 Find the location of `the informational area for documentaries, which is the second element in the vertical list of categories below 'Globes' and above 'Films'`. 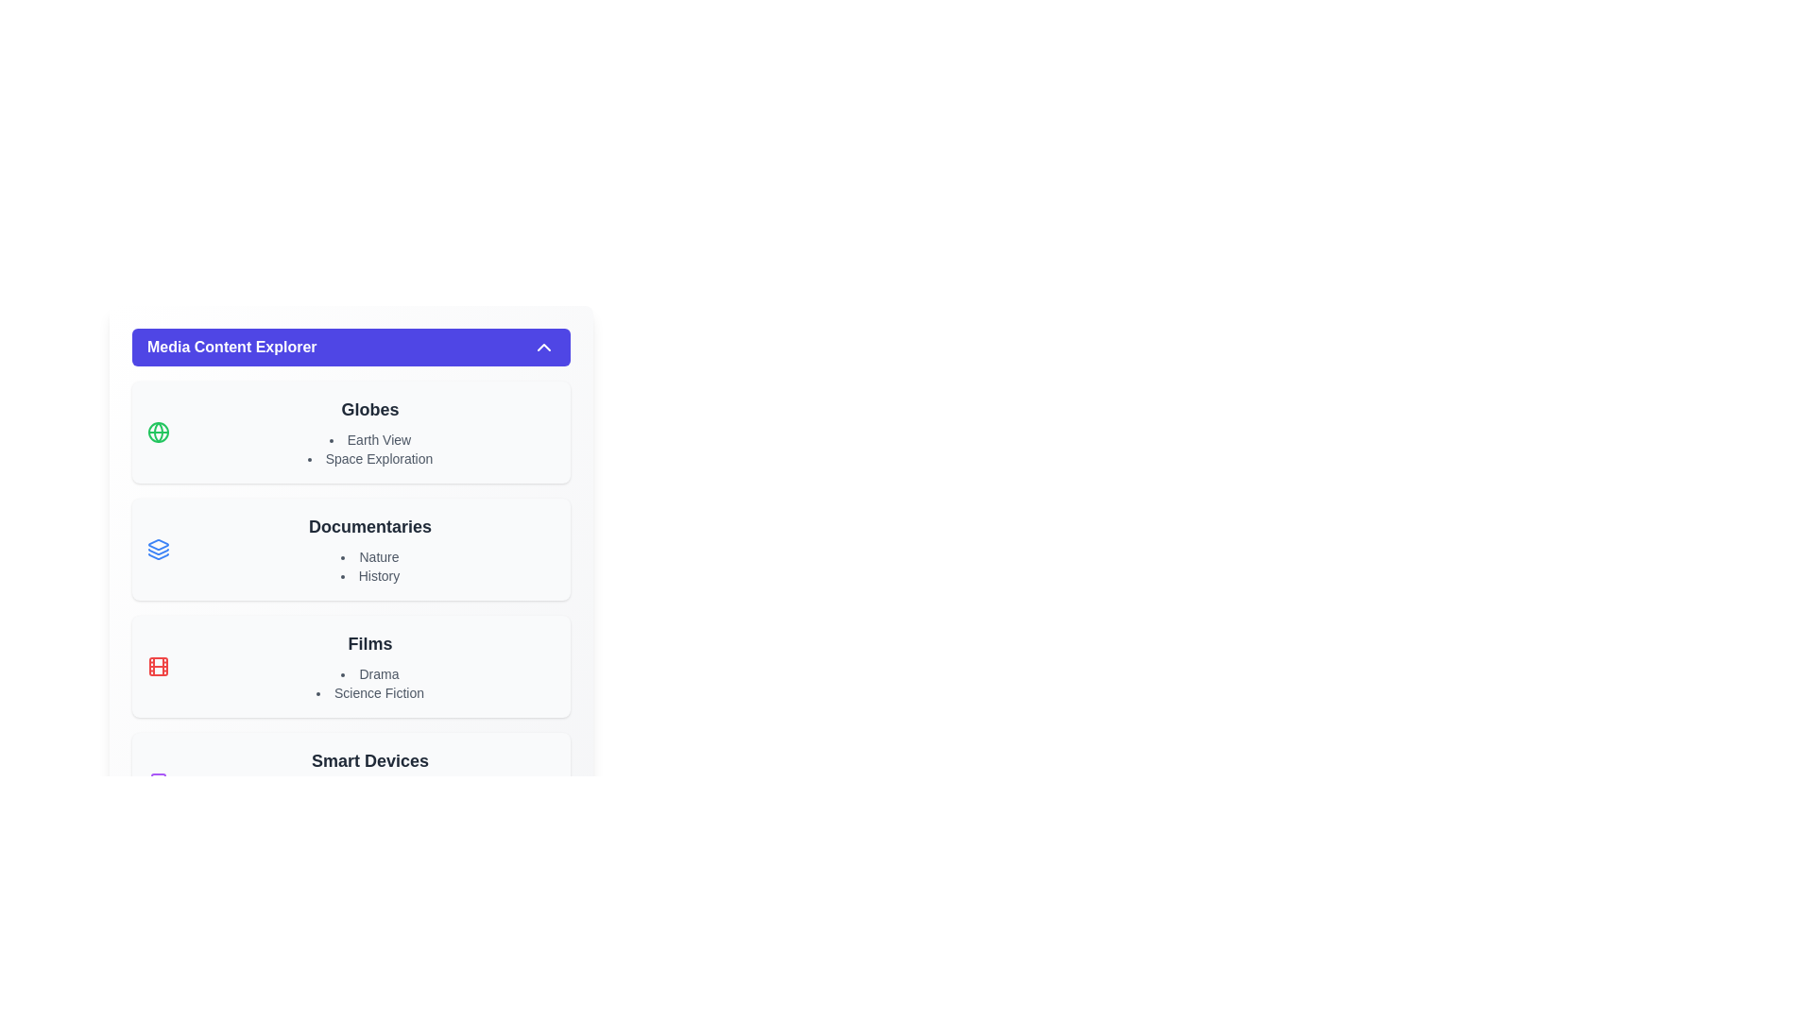

the informational area for documentaries, which is the second element in the vertical list of categories below 'Globes' and above 'Films' is located at coordinates (351, 550).